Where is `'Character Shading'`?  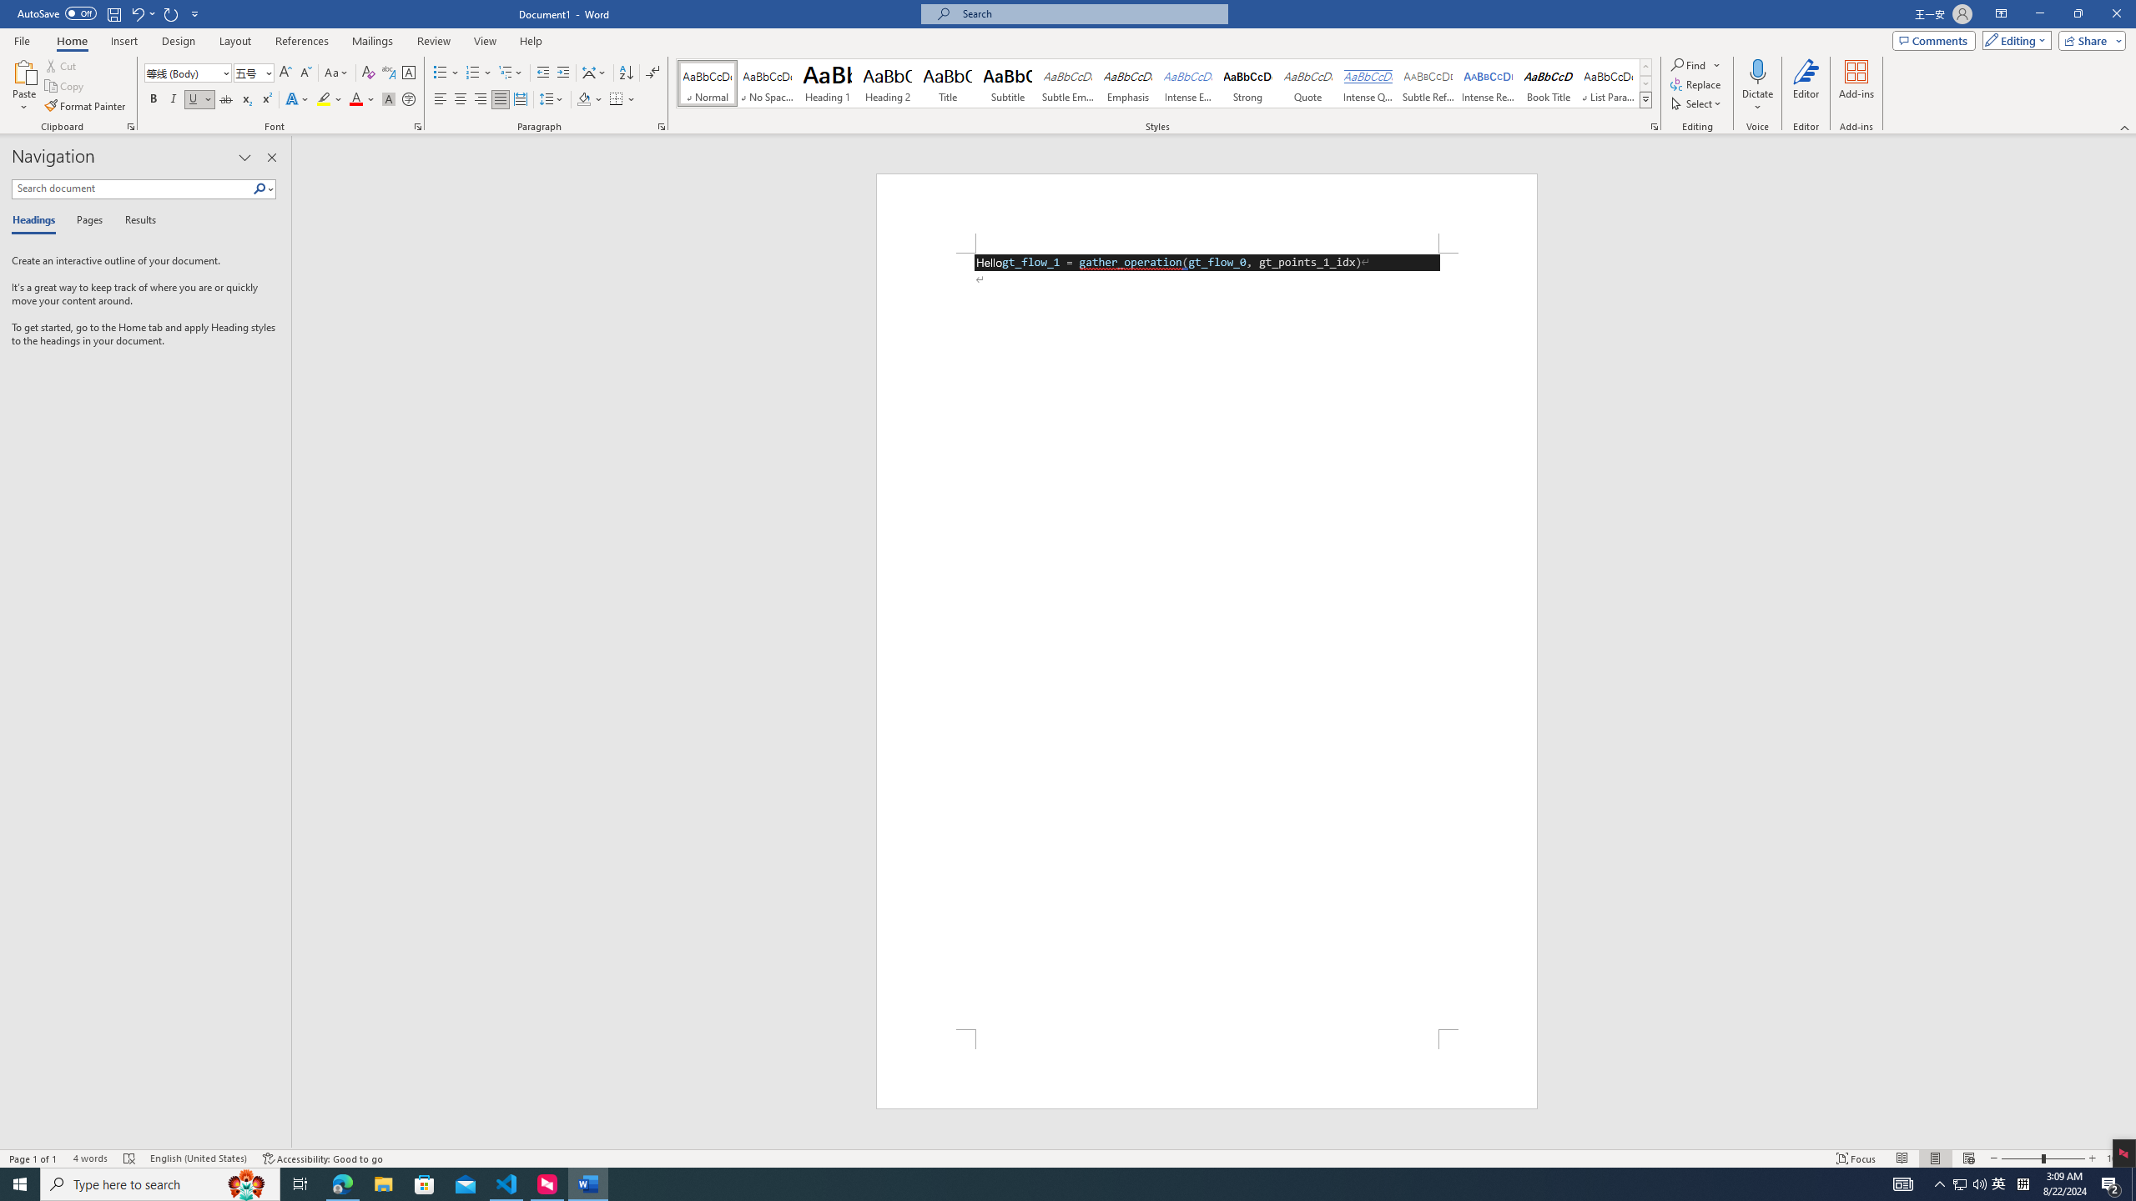 'Character Shading' is located at coordinates (387, 98).